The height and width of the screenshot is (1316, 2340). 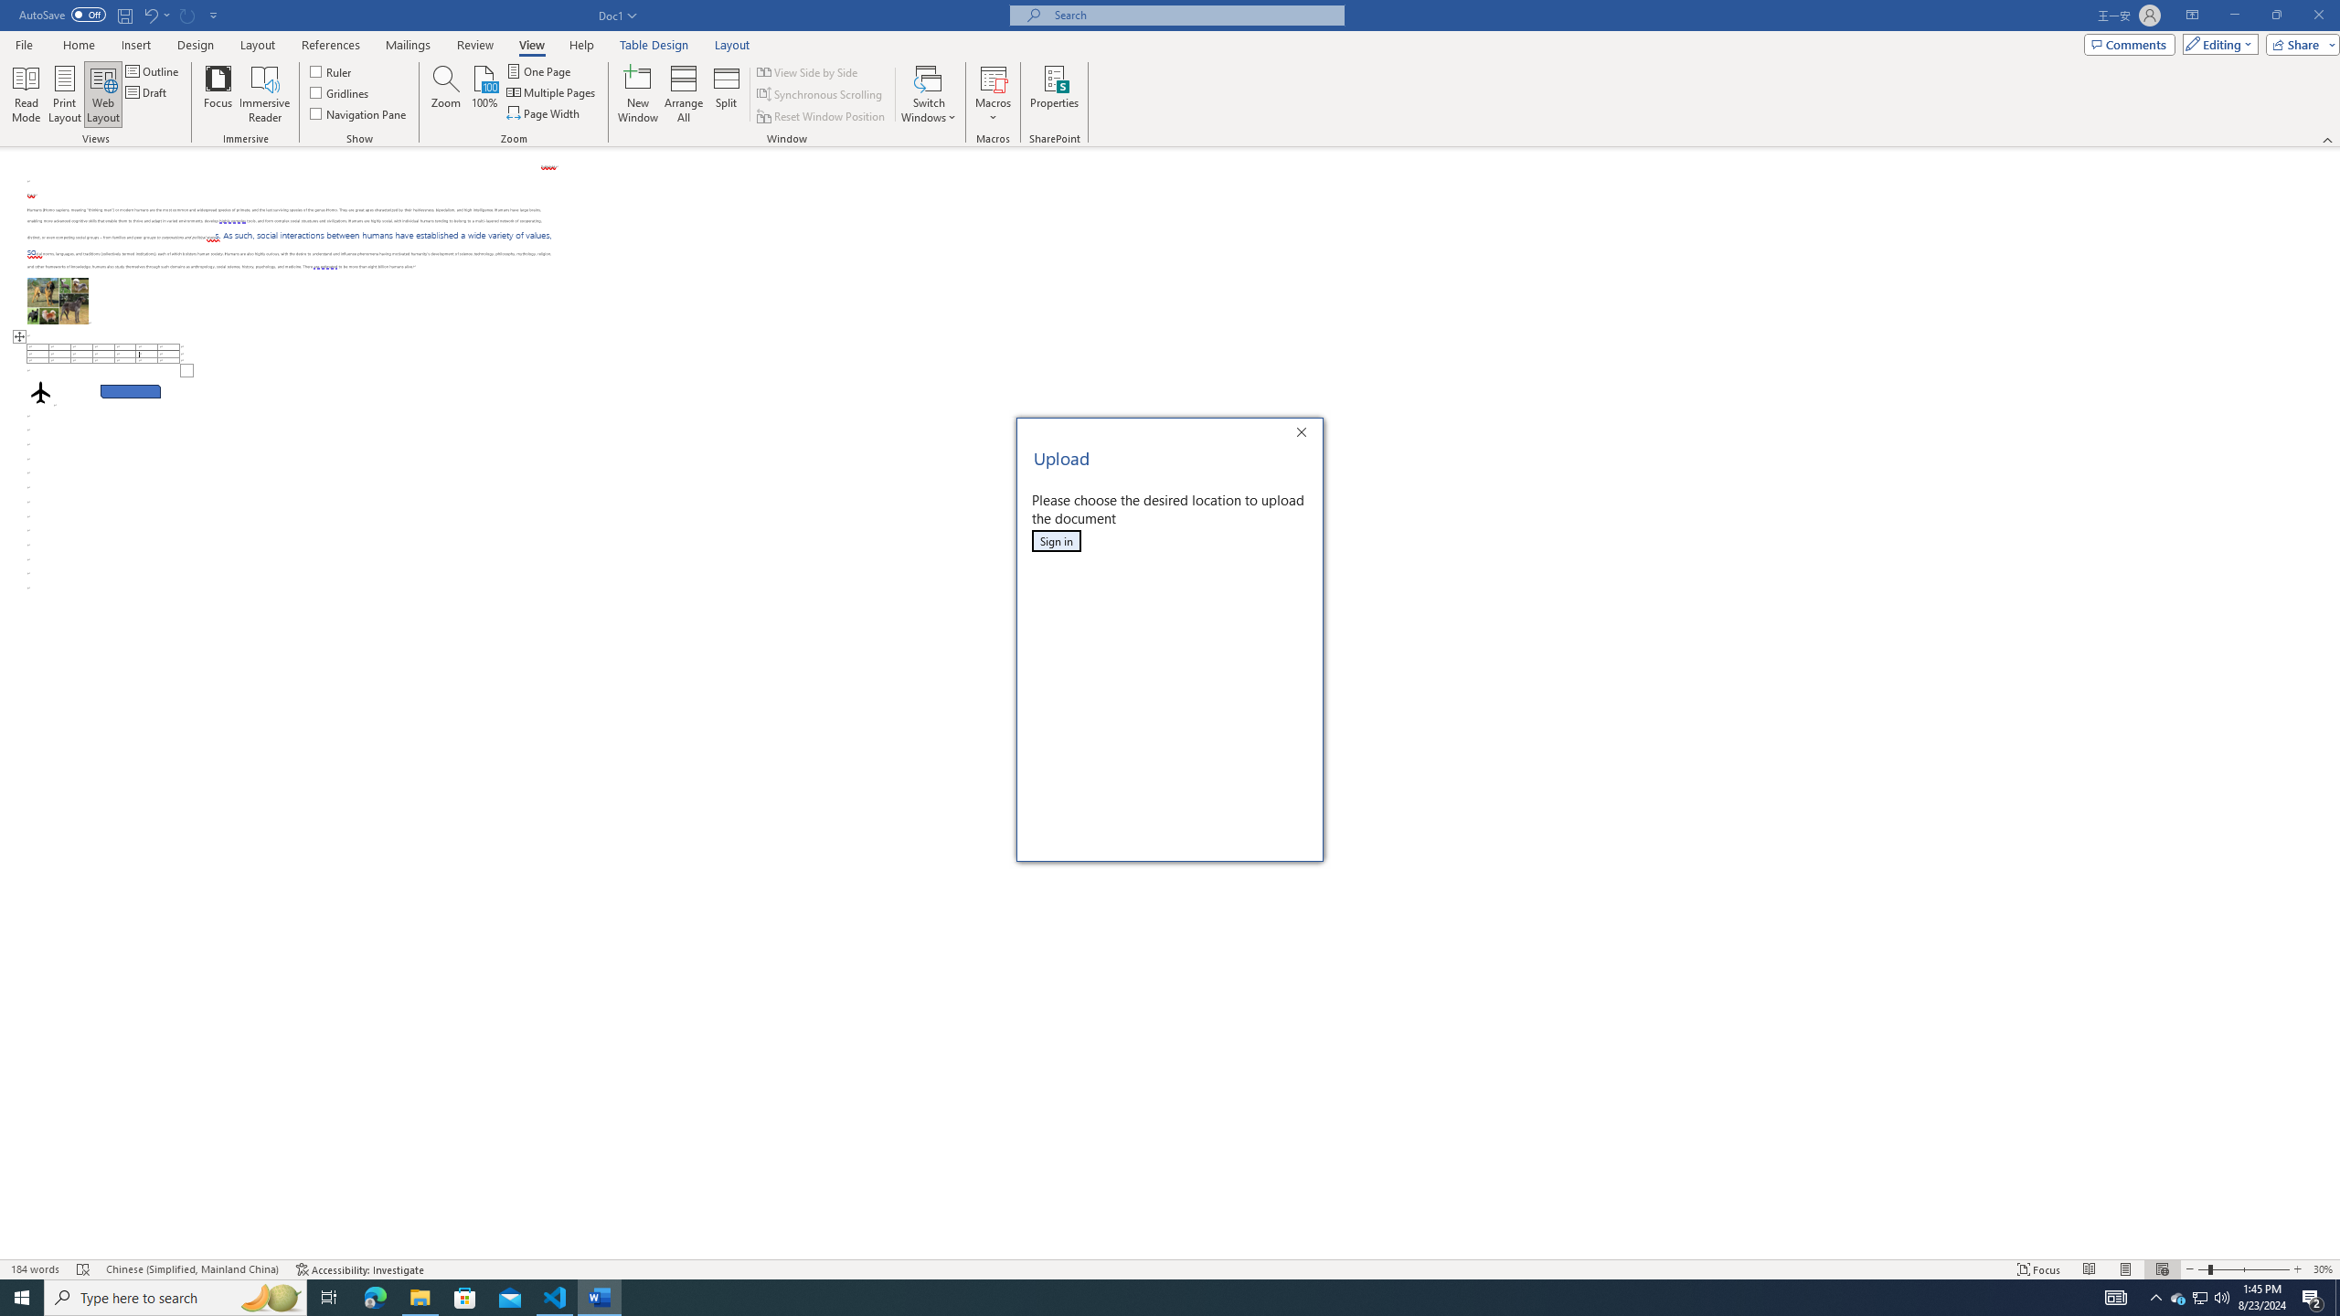 I want to click on 'Share', so click(x=2299, y=43).